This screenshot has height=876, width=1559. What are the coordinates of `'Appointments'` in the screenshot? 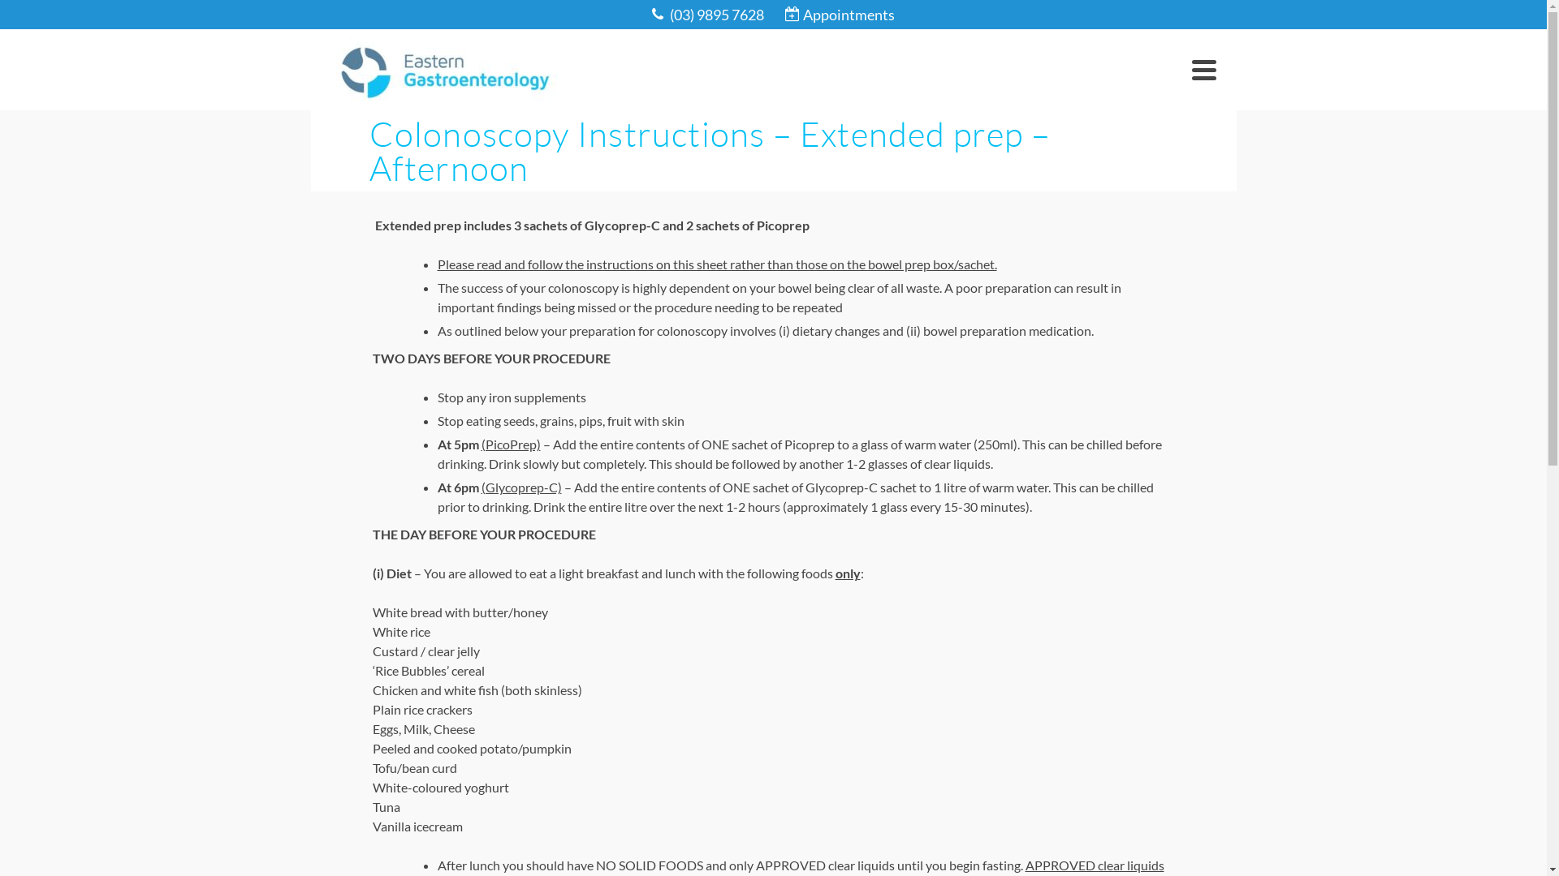 It's located at (840, 15).